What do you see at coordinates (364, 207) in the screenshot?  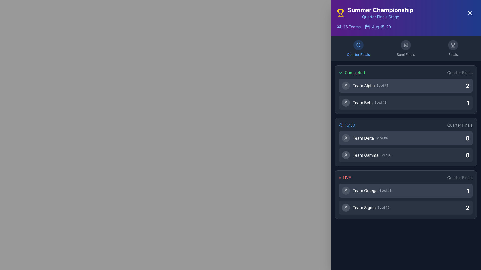 I see `text label 'Team Sigma' displayed in white on a dark background, located in the bottom right section of the interface under the 'LIVE' subsection in the 'Quarter Finals' panel` at bounding box center [364, 207].